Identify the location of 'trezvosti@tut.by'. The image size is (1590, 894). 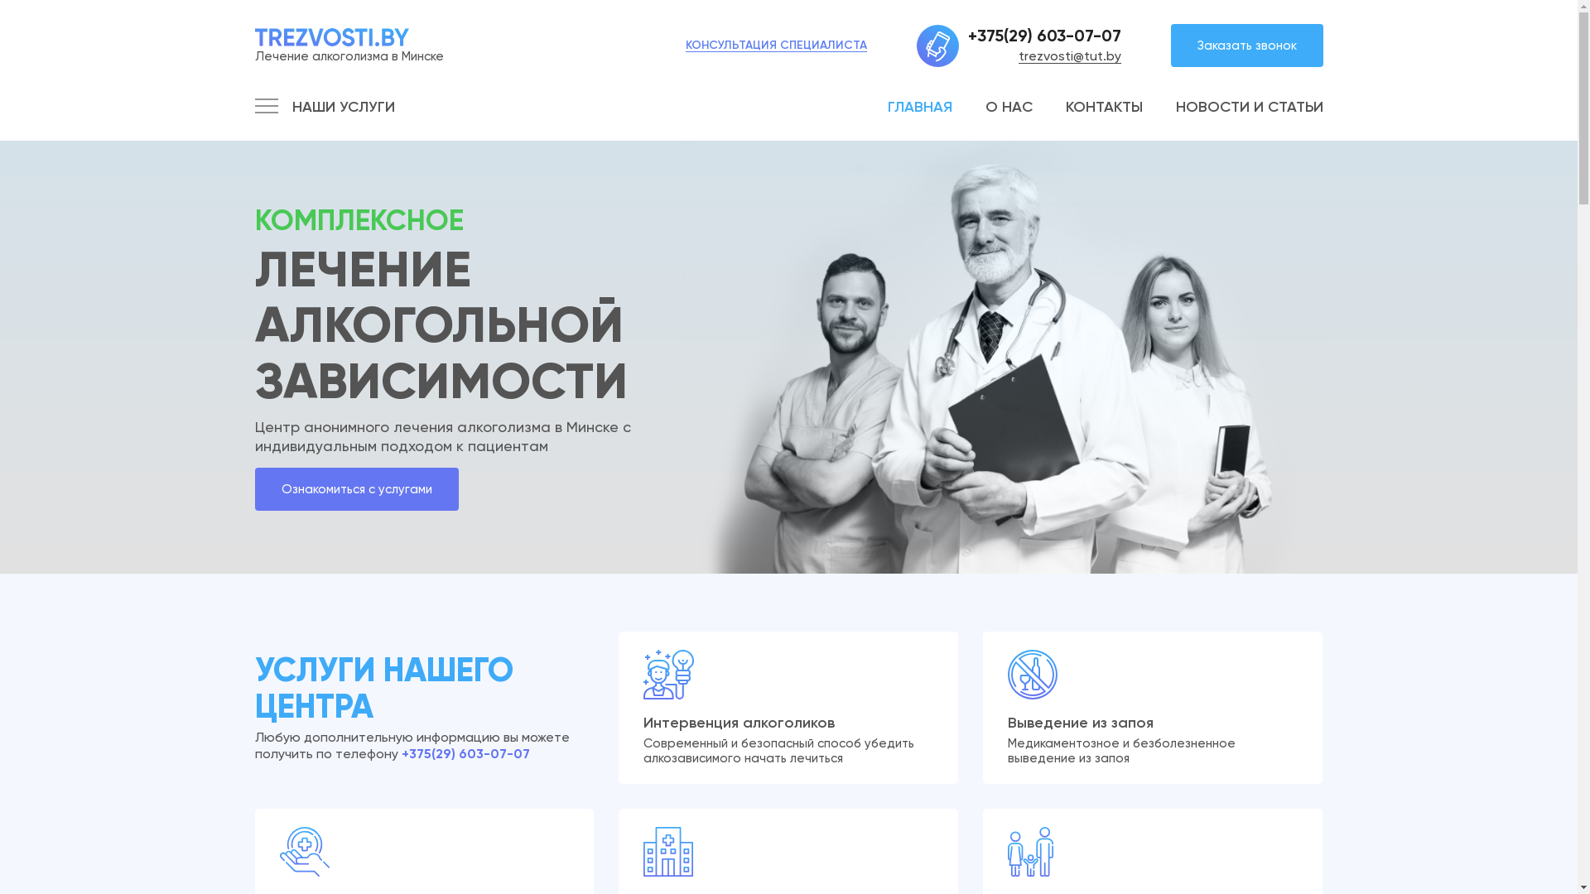
(1069, 55).